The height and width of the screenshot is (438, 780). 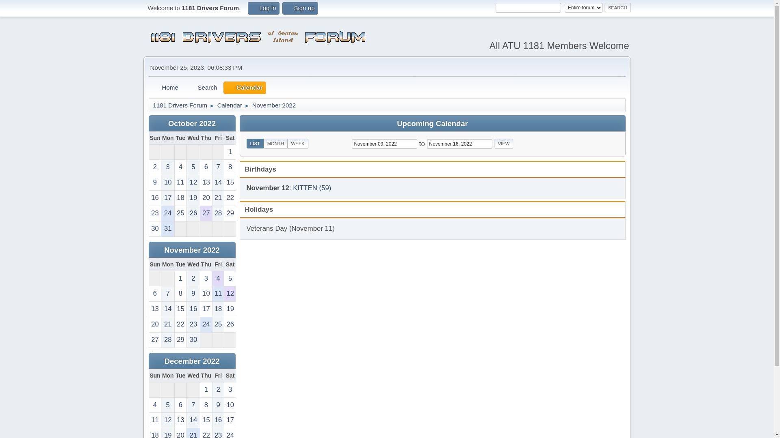 What do you see at coordinates (494, 143) in the screenshot?
I see `'View'` at bounding box center [494, 143].